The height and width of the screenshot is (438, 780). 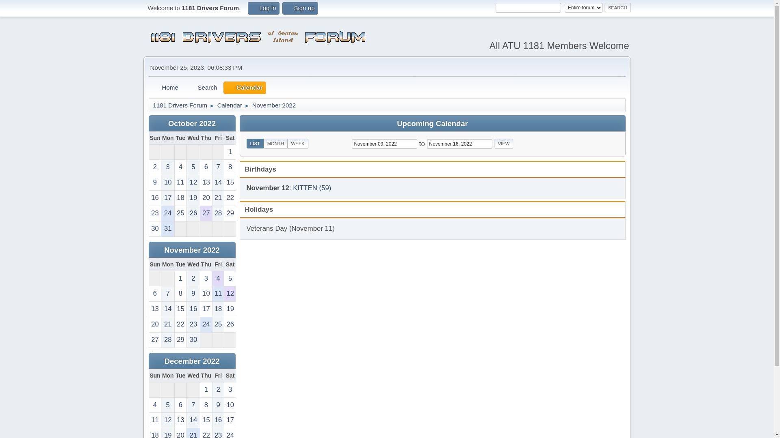 What do you see at coordinates (494, 143) in the screenshot?
I see `'View'` at bounding box center [494, 143].